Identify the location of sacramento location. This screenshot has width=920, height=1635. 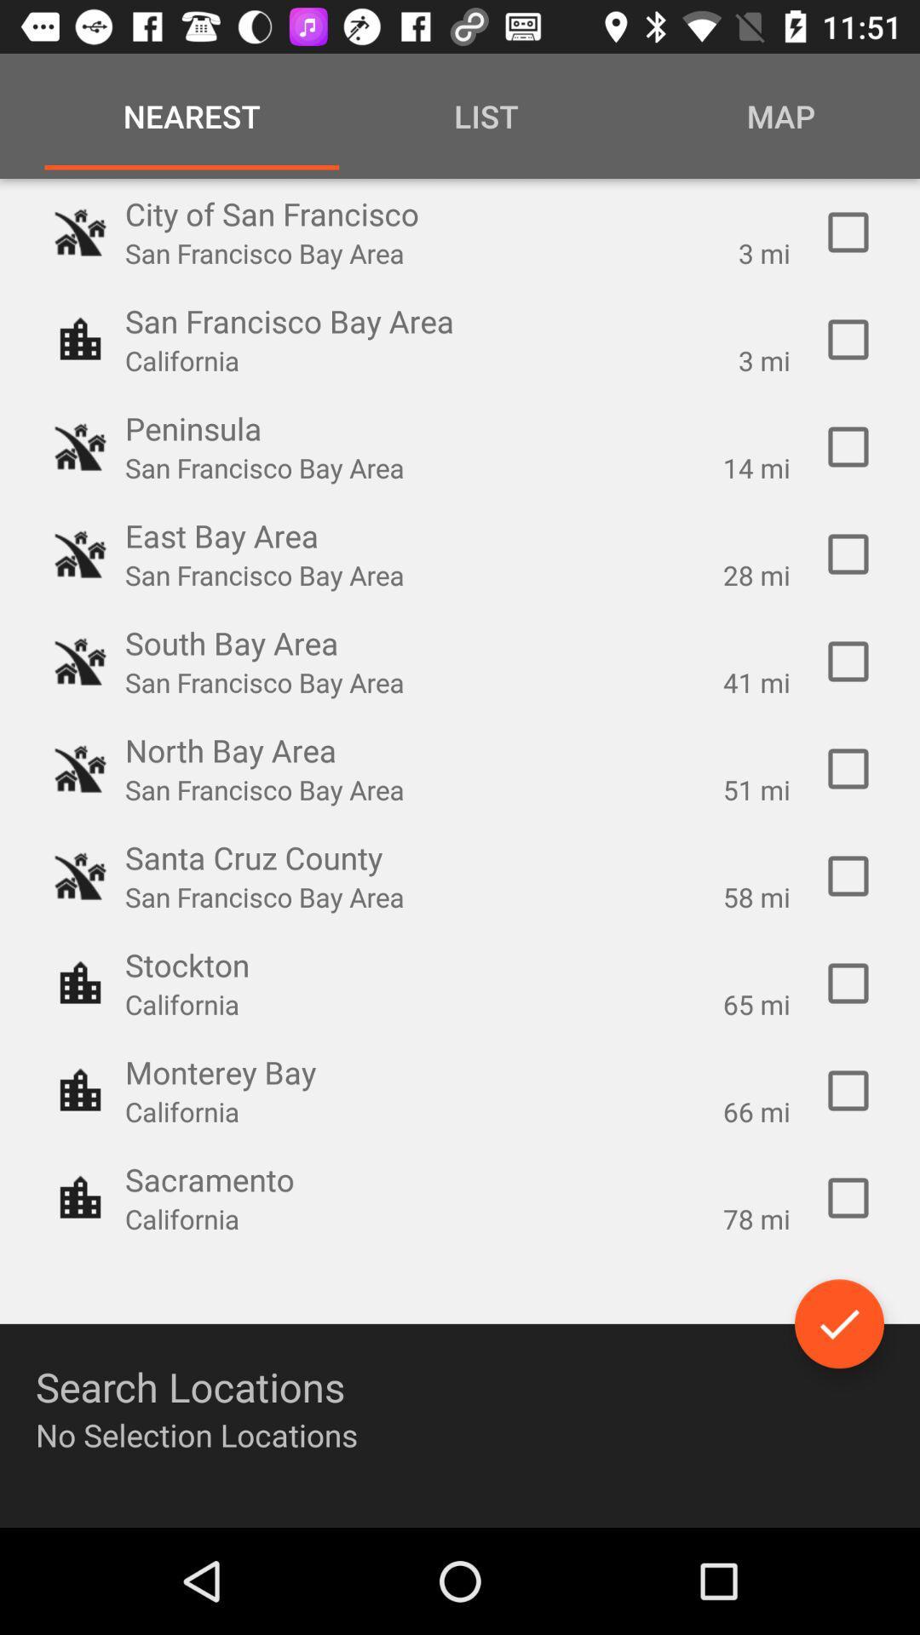
(848, 1196).